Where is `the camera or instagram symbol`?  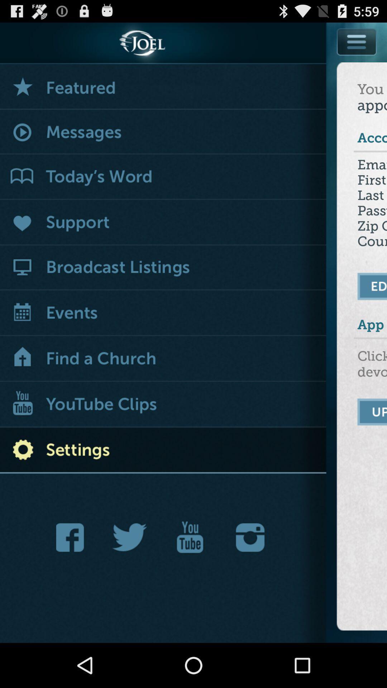
the camera or instagram symbol is located at coordinates (250, 537).